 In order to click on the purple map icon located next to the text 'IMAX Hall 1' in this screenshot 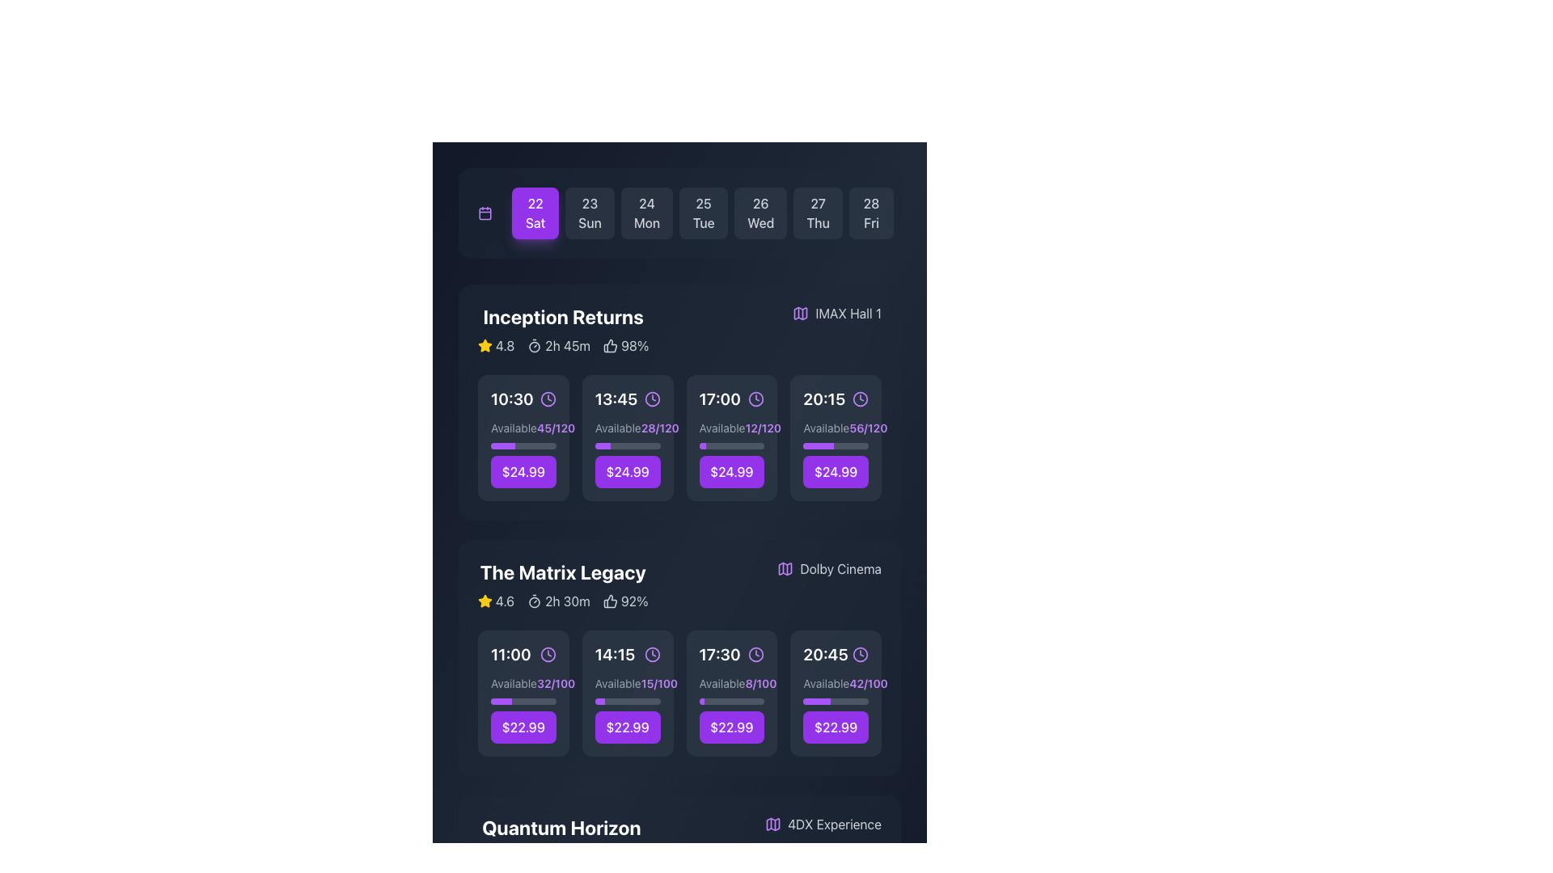, I will do `click(801, 314)`.